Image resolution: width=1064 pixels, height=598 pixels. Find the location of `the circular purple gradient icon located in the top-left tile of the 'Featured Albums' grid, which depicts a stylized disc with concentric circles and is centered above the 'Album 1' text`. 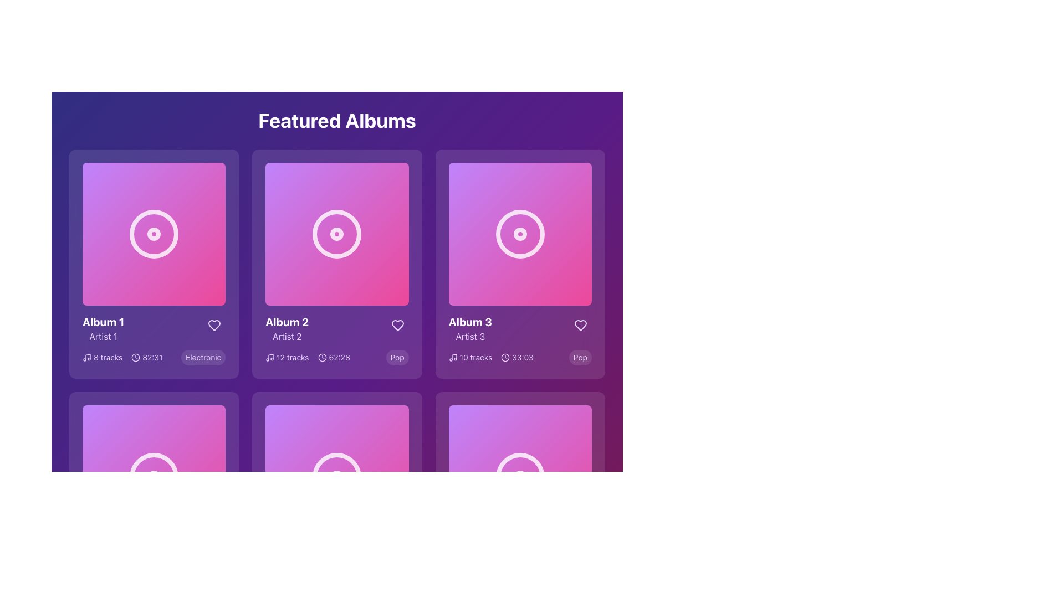

the circular purple gradient icon located in the top-left tile of the 'Featured Albums' grid, which depicts a stylized disc with concentric circles and is centered above the 'Album 1' text is located at coordinates (154, 234).